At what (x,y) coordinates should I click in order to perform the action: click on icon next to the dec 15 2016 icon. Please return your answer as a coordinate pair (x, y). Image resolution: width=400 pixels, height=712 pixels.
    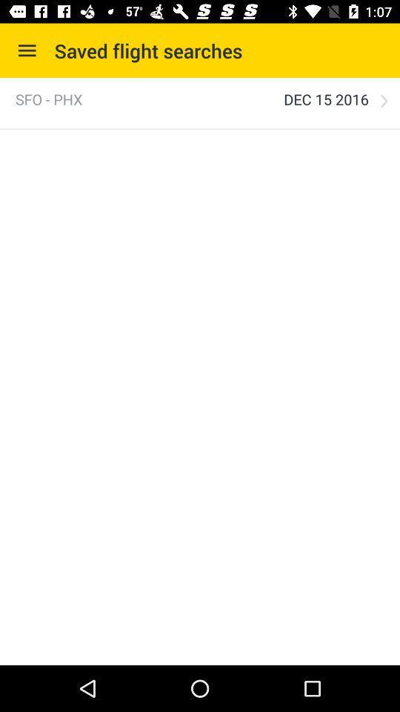
    Looking at the image, I should click on (384, 100).